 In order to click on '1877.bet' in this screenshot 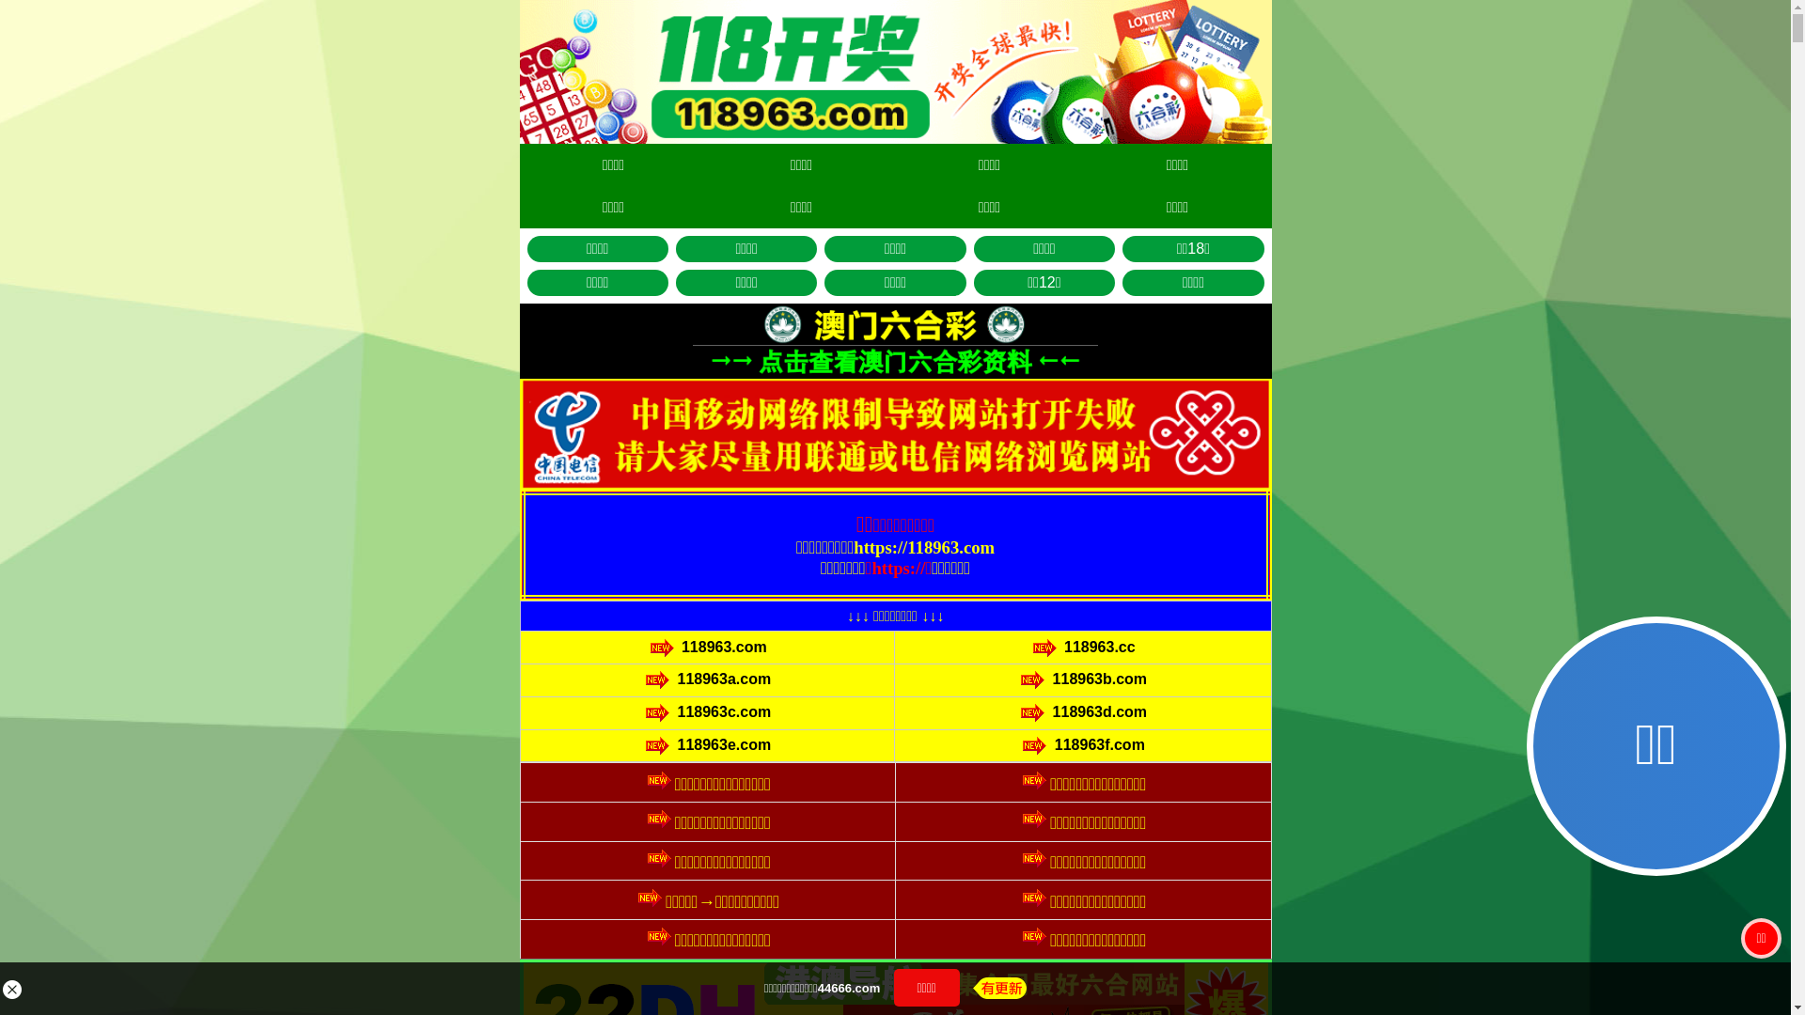, I will do `click(974, 638)`.